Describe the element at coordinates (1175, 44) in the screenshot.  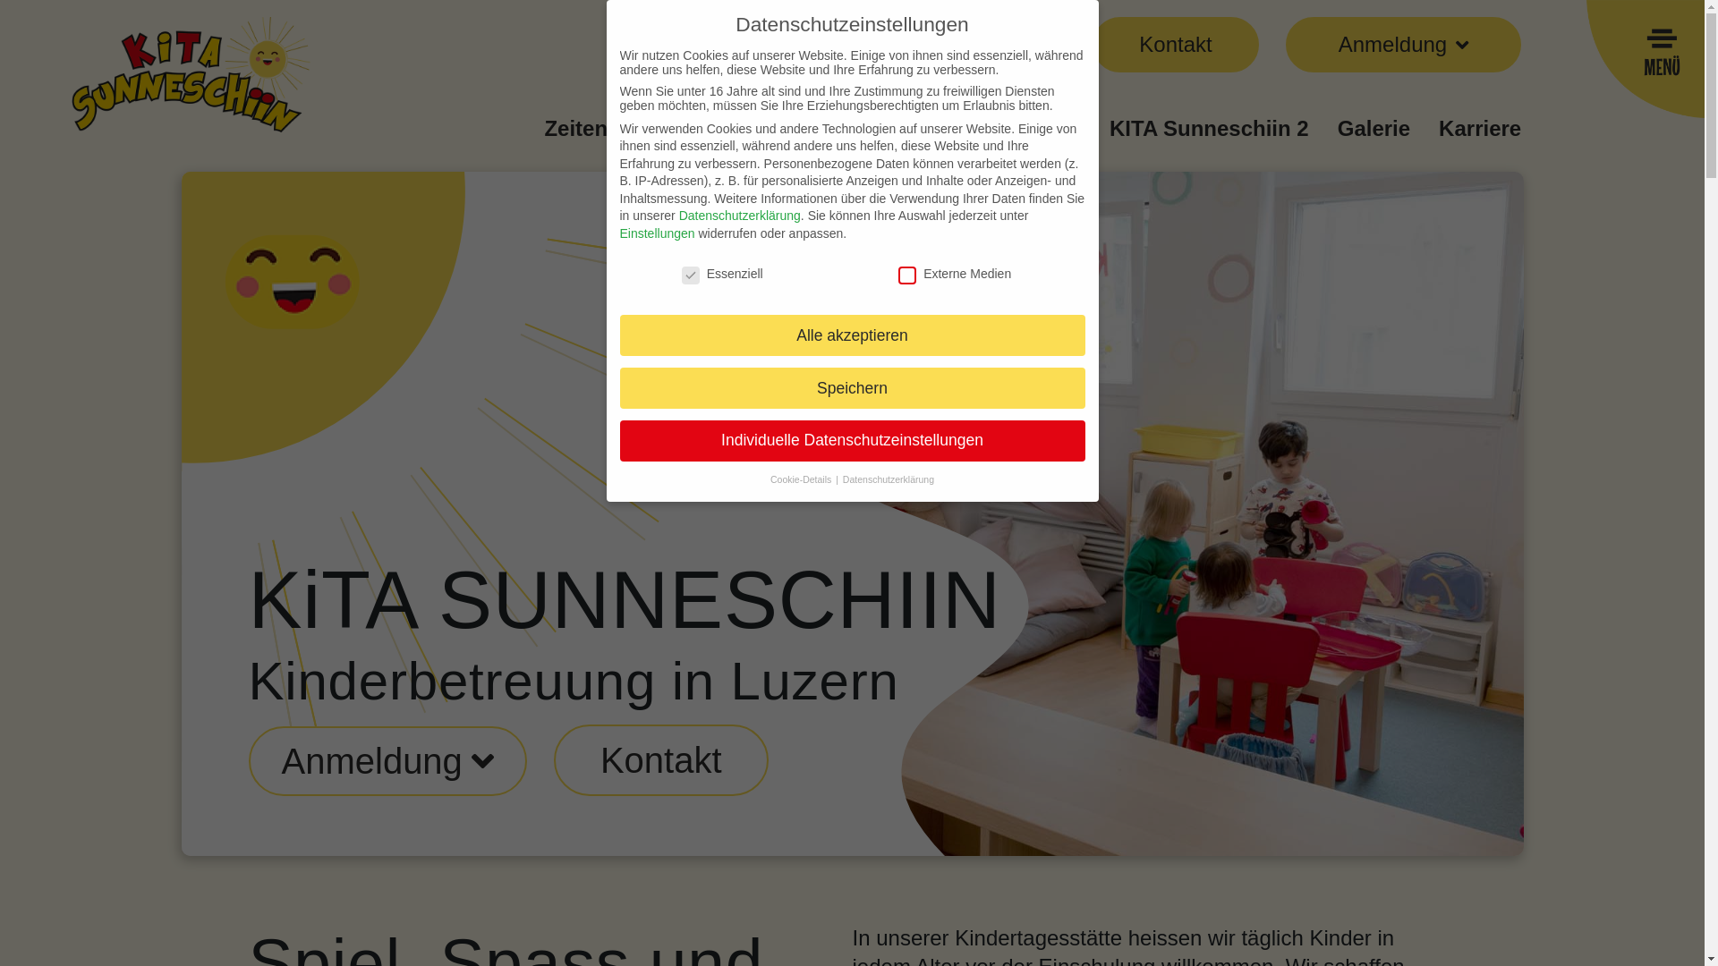
I see `'Kontakt'` at that location.